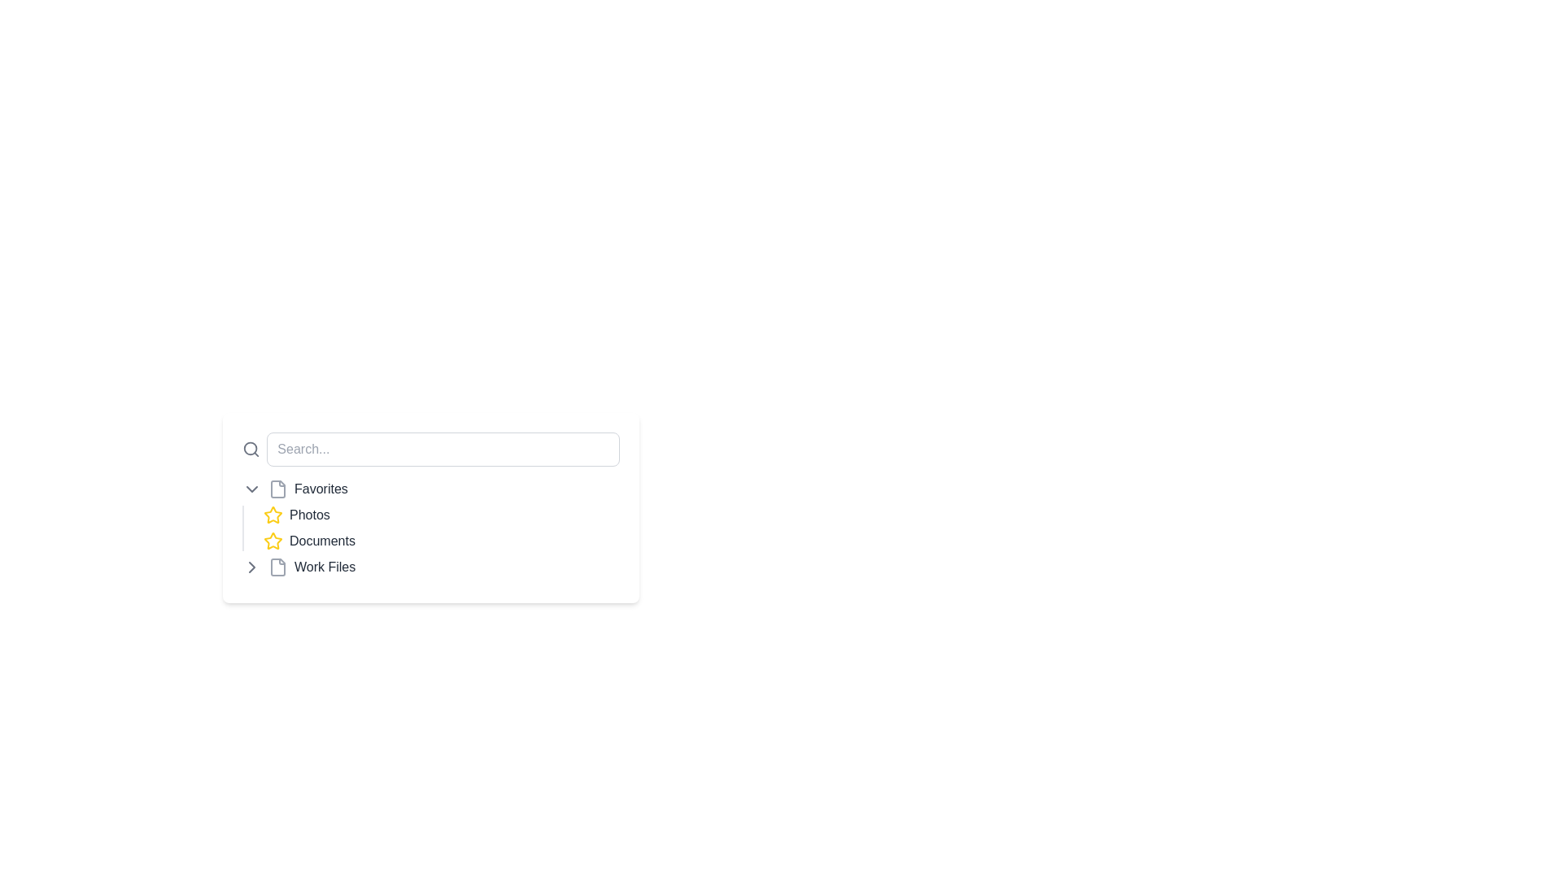 The width and height of the screenshot is (1562, 878). Describe the element at coordinates (277, 488) in the screenshot. I see `the 'Favorites' SVG icon in the file navigation sidebar, which is the top-most icon located just beneath the search bar` at that location.